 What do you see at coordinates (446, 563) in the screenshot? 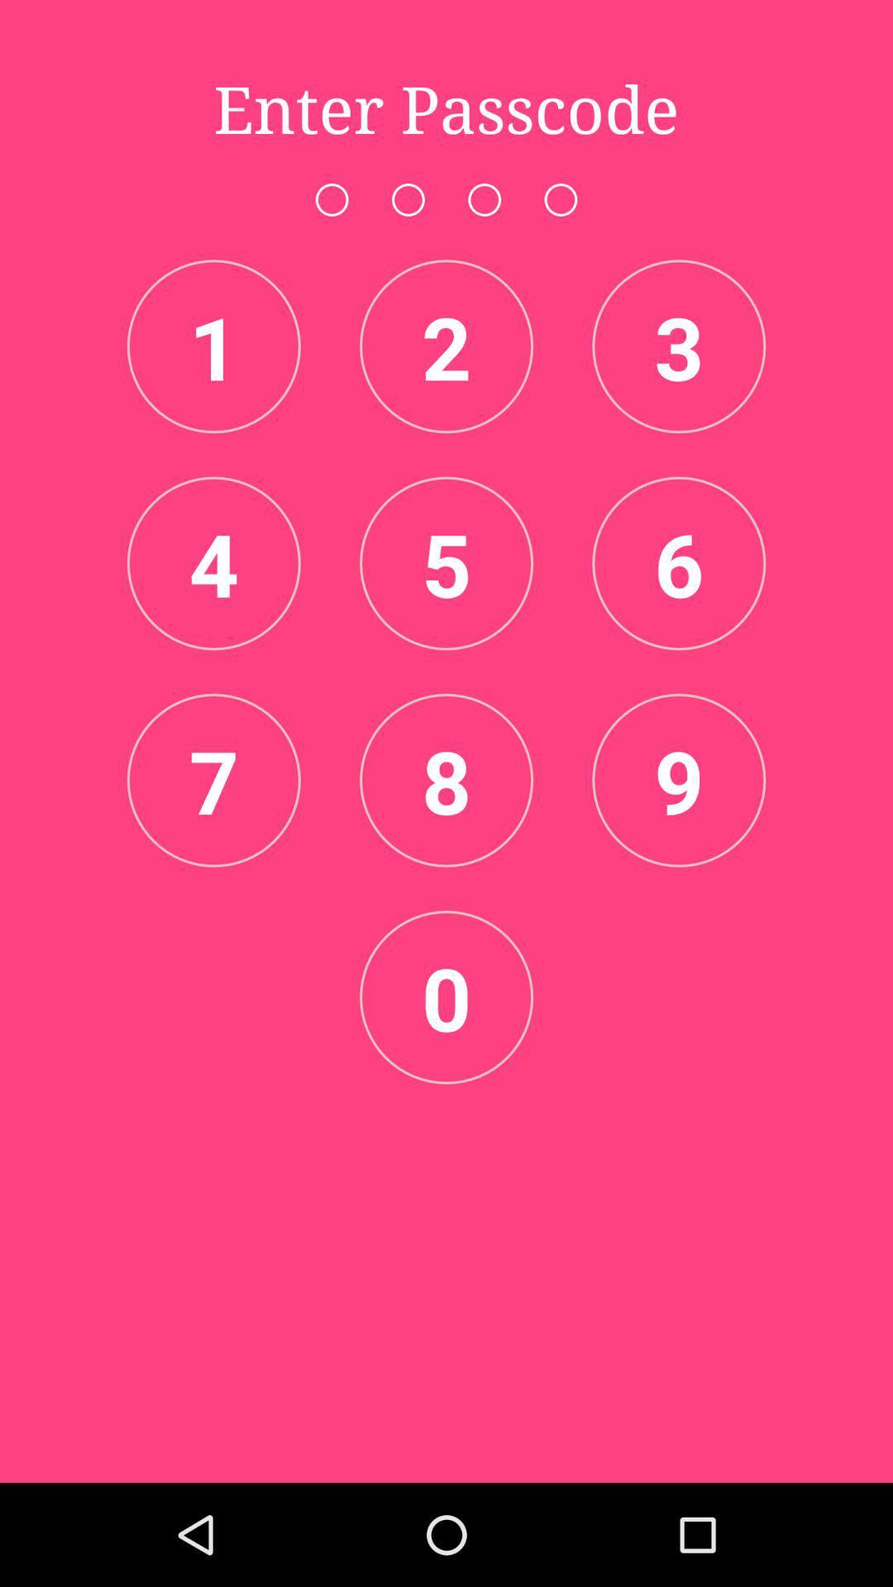
I see `5 item` at bounding box center [446, 563].